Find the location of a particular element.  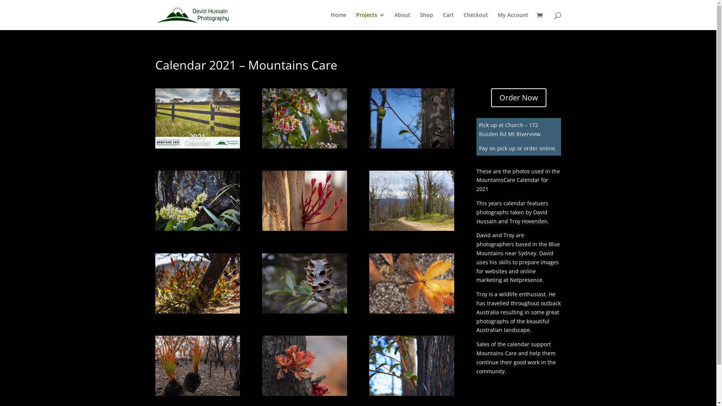

'Home' is located at coordinates (338, 21).